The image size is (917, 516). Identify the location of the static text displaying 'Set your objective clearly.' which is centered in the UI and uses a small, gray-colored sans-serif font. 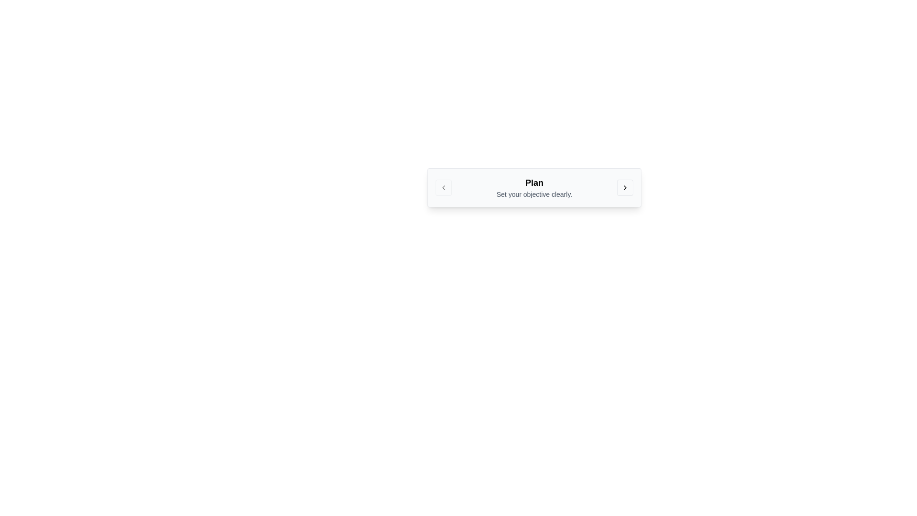
(533, 194).